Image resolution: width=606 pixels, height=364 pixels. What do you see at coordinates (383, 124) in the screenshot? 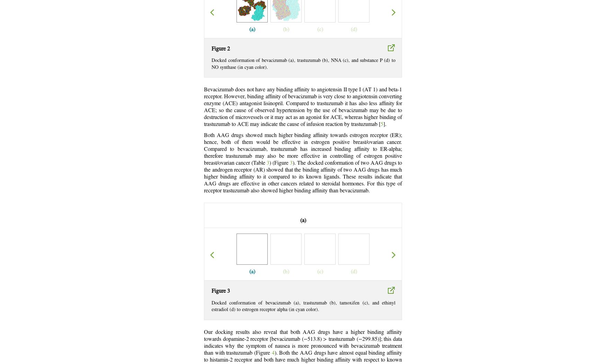
I see `'].'` at bounding box center [383, 124].